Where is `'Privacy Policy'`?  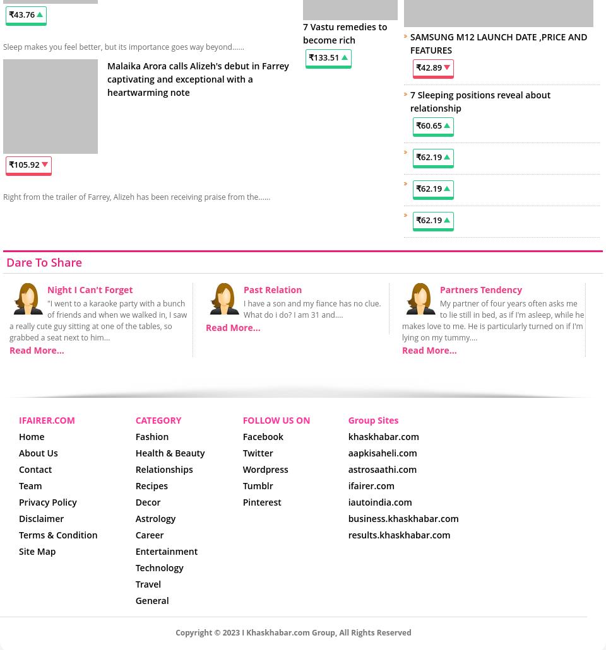
'Privacy Policy' is located at coordinates (47, 501).